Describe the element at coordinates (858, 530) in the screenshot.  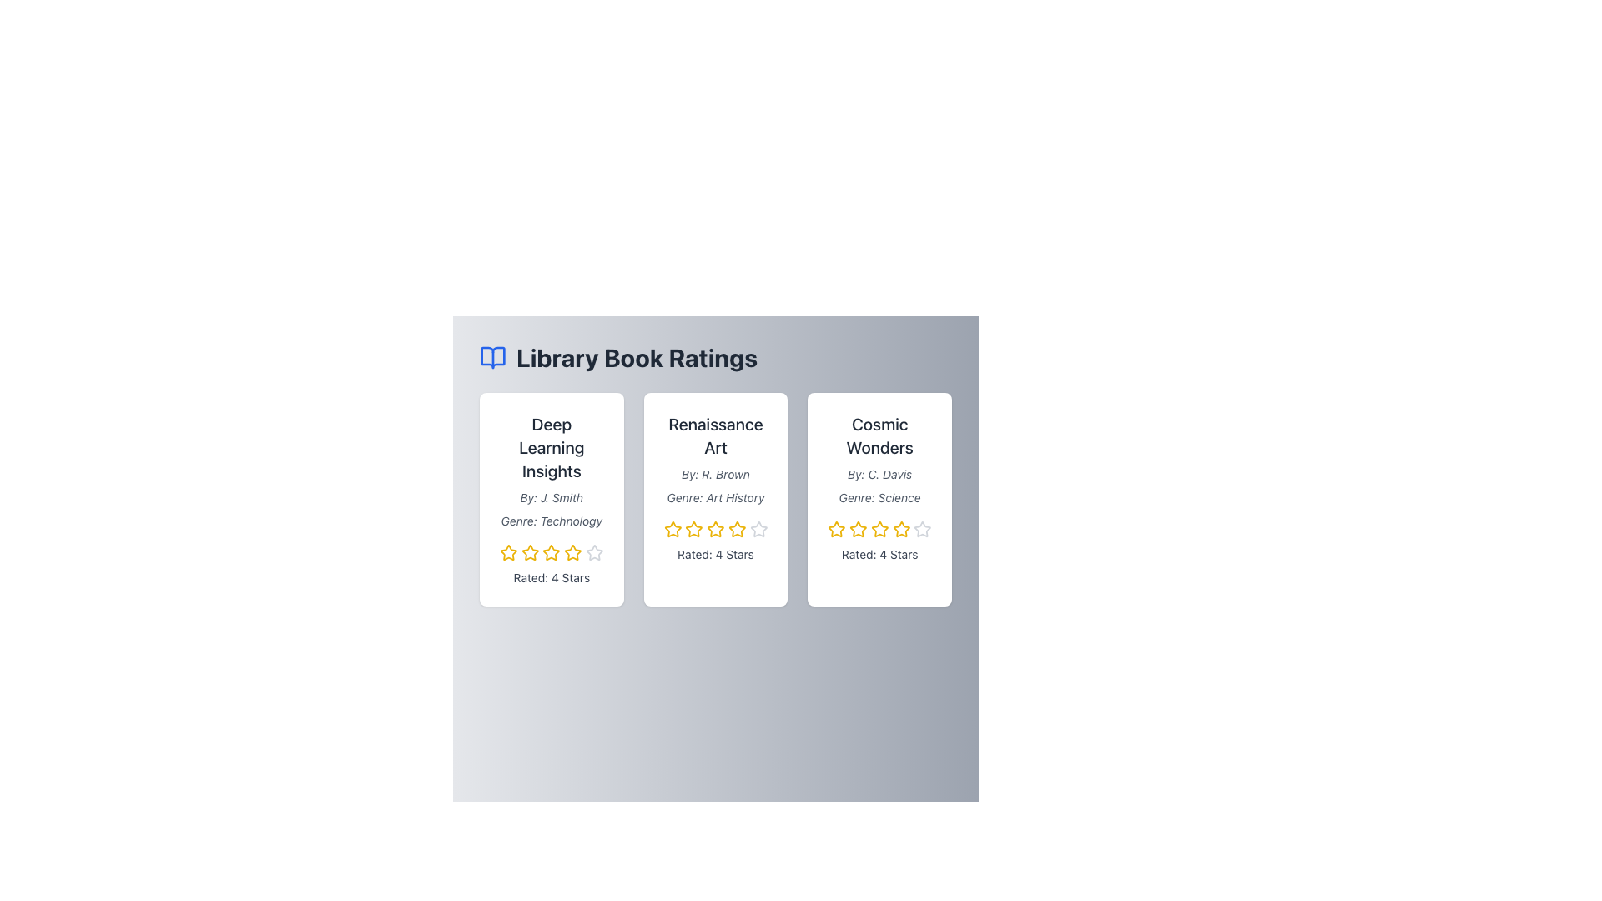
I see `the third yellow star-shaped icon in the five-star rating system for the 'Cosmic Wonders' book` at that location.